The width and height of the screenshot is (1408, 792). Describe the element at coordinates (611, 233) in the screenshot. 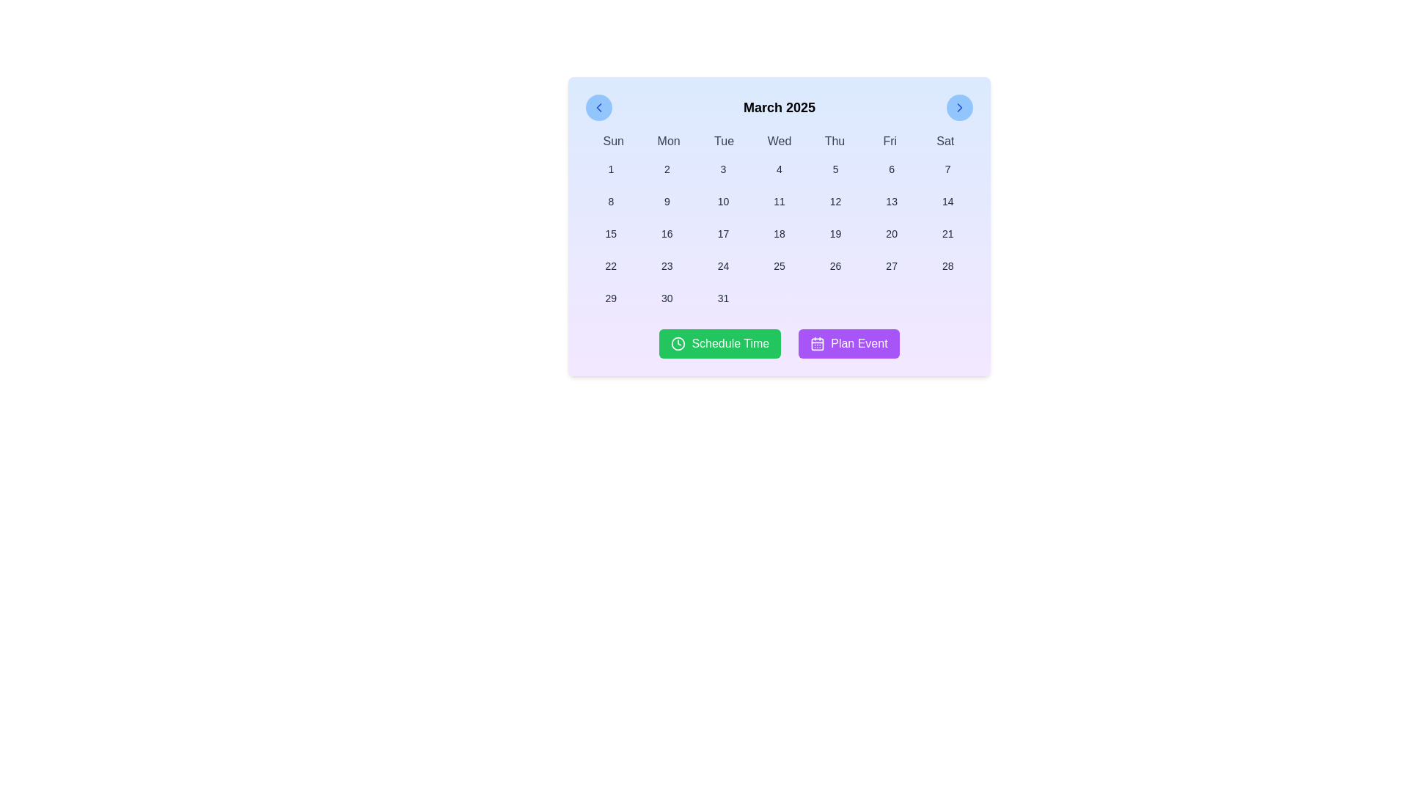

I see `the button displaying the number '15' in gray text, located in the fourth row and first column of the calendar grid` at that location.